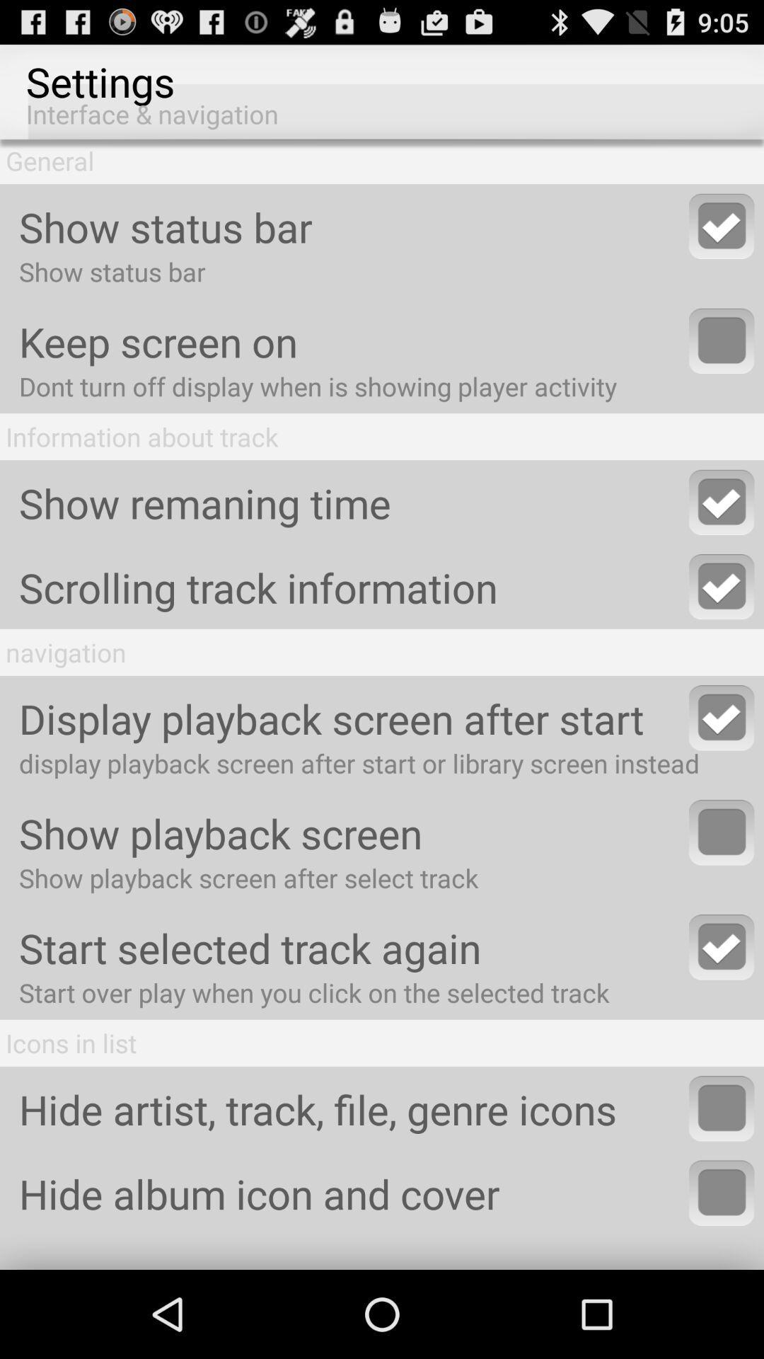 Image resolution: width=764 pixels, height=1359 pixels. What do you see at coordinates (722, 225) in the screenshot?
I see `show/hide status bar` at bounding box center [722, 225].